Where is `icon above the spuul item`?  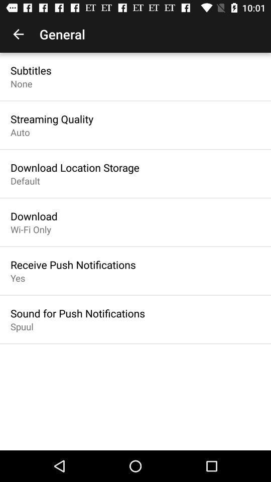
icon above the spuul item is located at coordinates (77, 313).